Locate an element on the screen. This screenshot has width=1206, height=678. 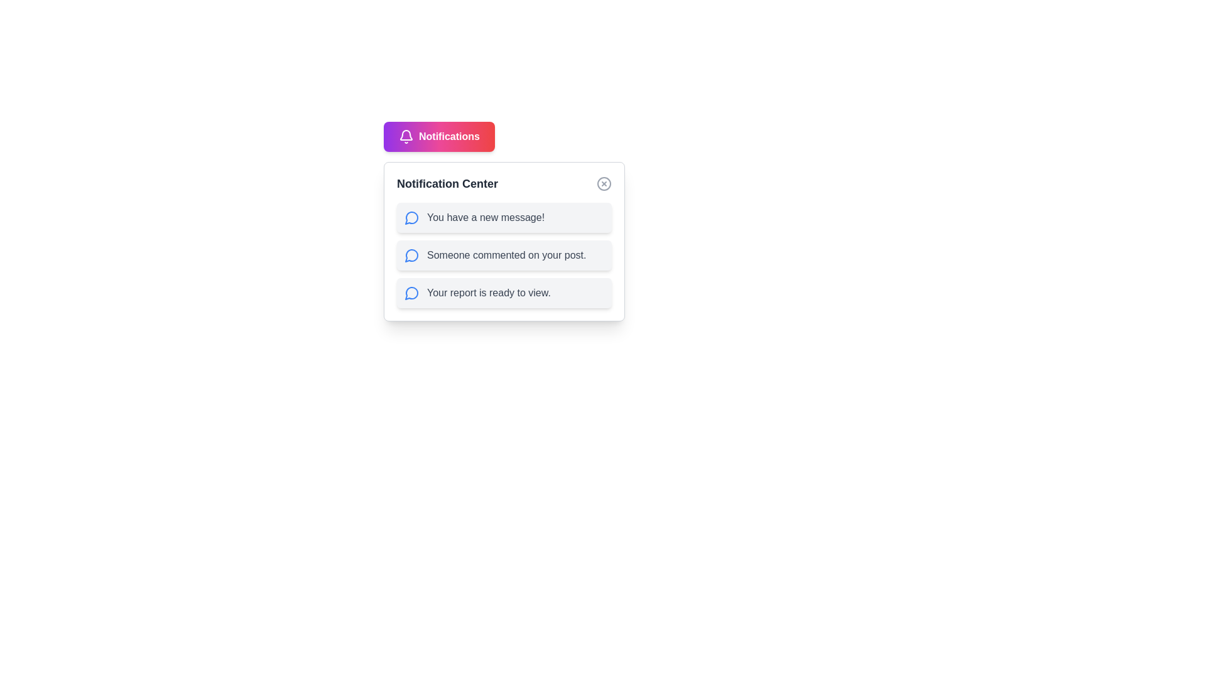
the notification card that contains the message 'Someone commented on your post.' which is the second card in the notification center is located at coordinates (504, 255).